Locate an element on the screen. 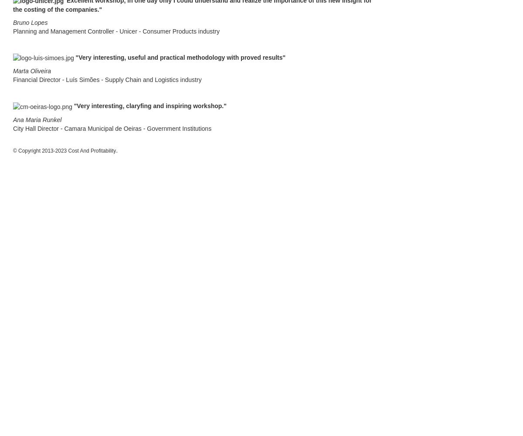 The height and width of the screenshot is (436, 523). 'Planning and Management Controller - Unicer - Consumer Products industry' is located at coordinates (13, 31).